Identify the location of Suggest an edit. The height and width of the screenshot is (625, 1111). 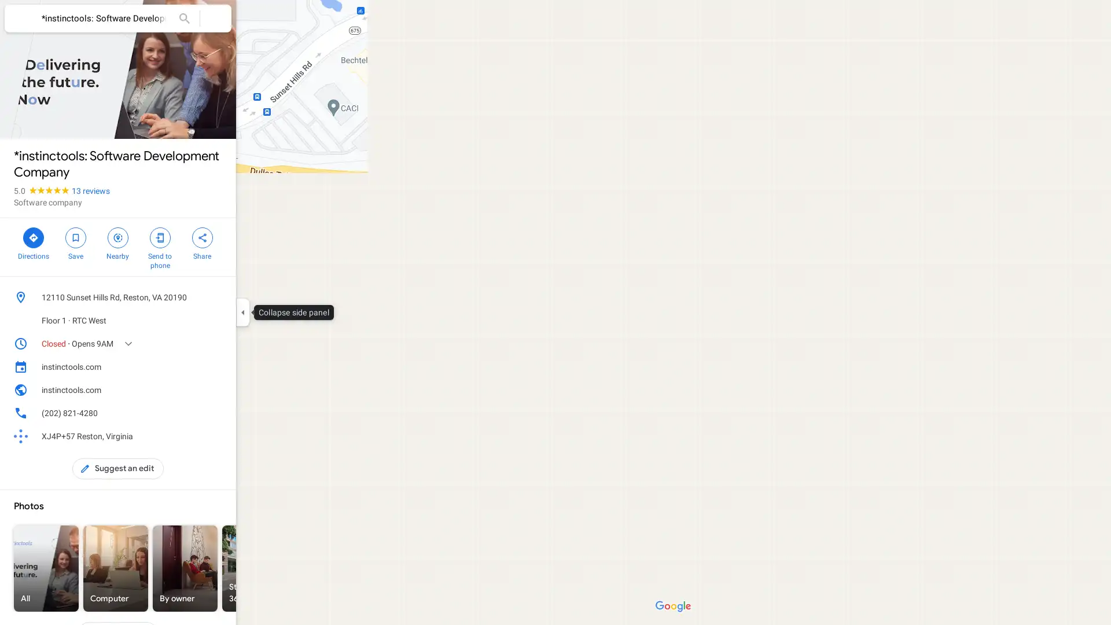
(118, 469).